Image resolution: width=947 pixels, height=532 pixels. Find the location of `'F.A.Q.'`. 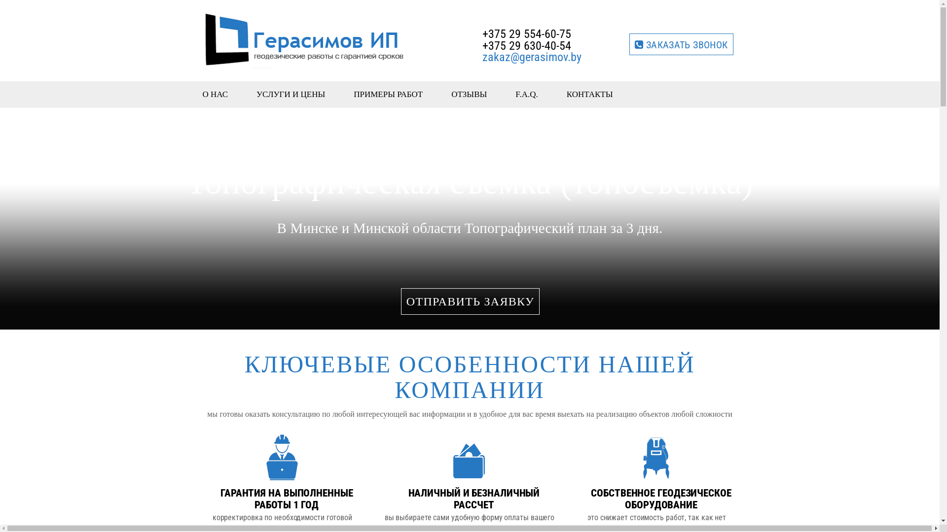

'F.A.Q.' is located at coordinates (526, 94).